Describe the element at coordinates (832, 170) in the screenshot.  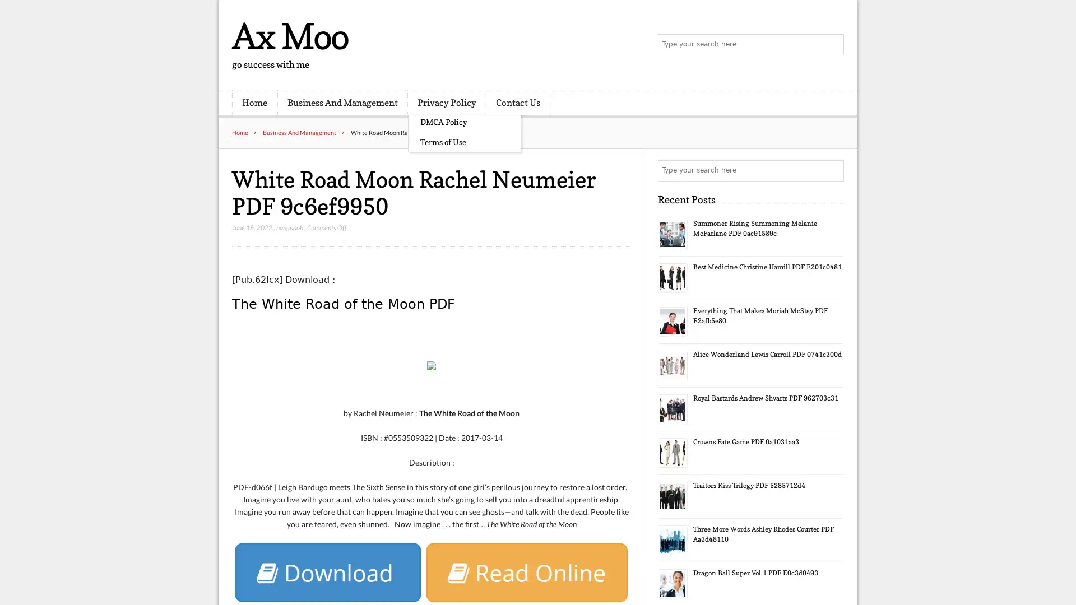
I see `Search` at that location.